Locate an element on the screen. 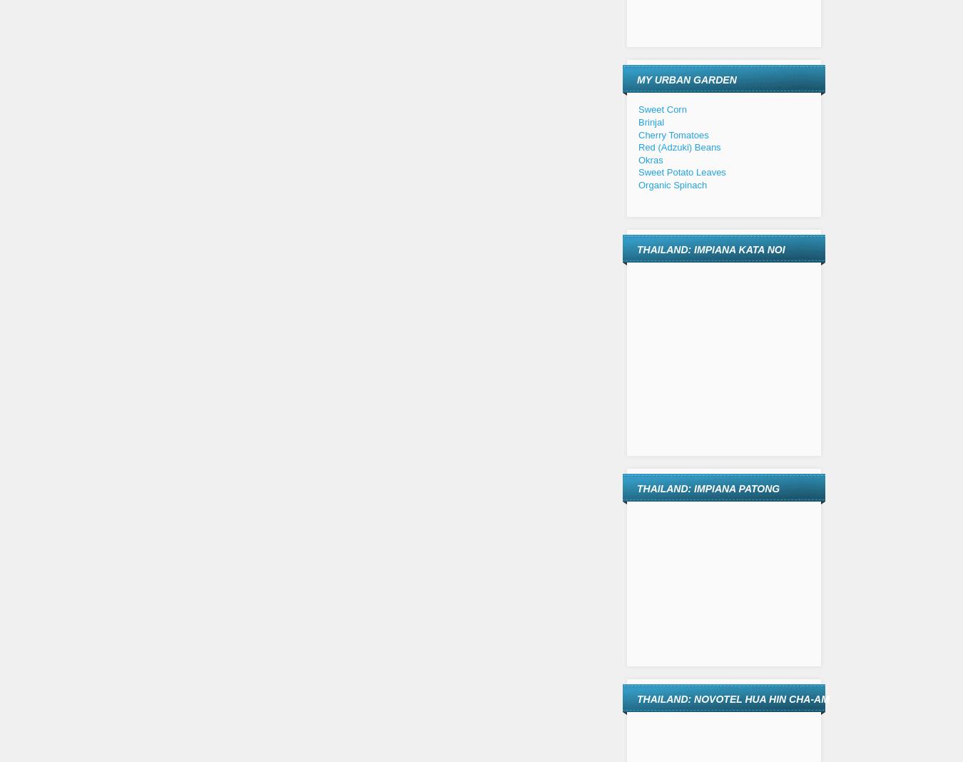 The image size is (963, 762). 'Sweet Corn' is located at coordinates (638, 109).